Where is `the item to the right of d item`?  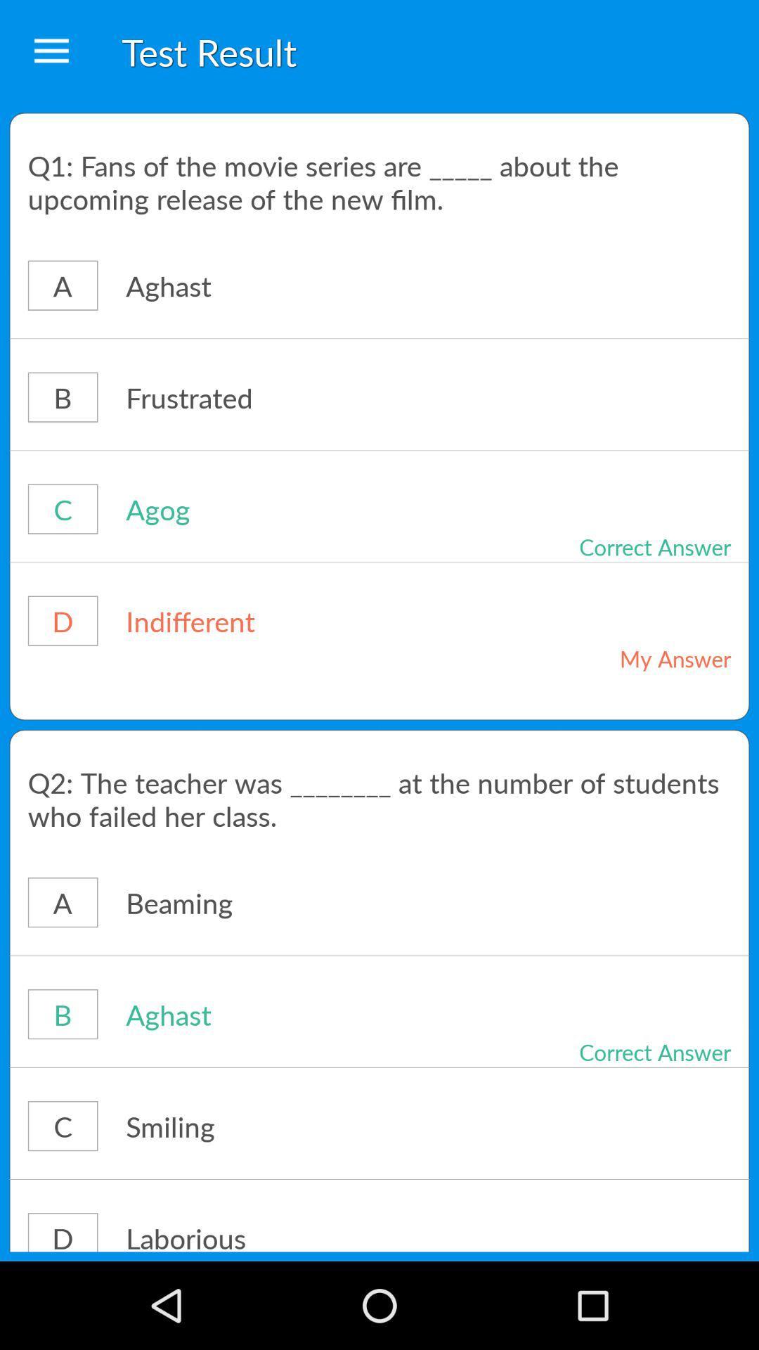
the item to the right of d item is located at coordinates (290, 1234).